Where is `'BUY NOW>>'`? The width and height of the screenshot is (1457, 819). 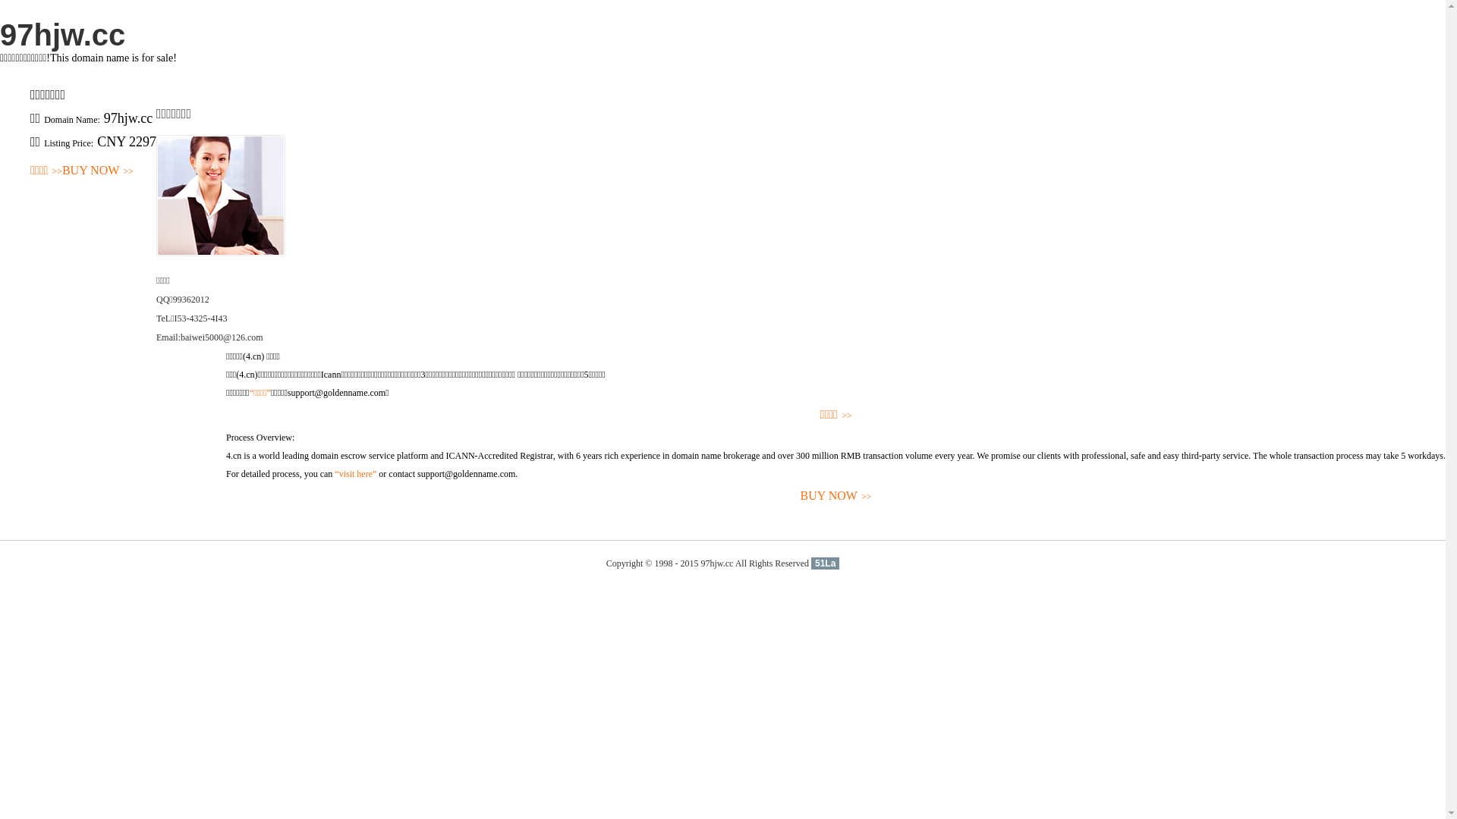
'BUY NOW>>' is located at coordinates (97, 171).